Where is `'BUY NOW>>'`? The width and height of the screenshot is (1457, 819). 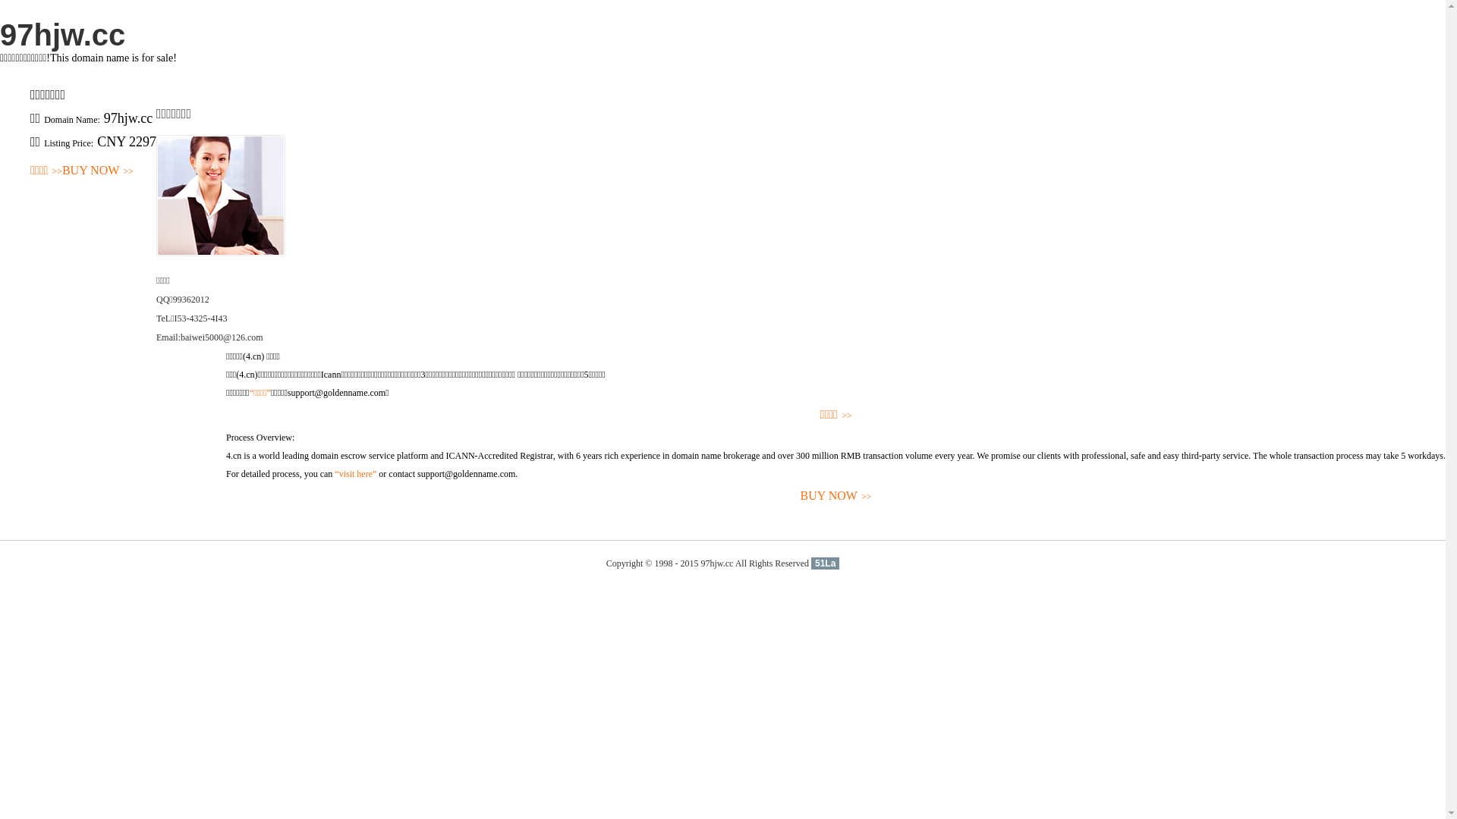
'BUY NOW>>' is located at coordinates (97, 171).